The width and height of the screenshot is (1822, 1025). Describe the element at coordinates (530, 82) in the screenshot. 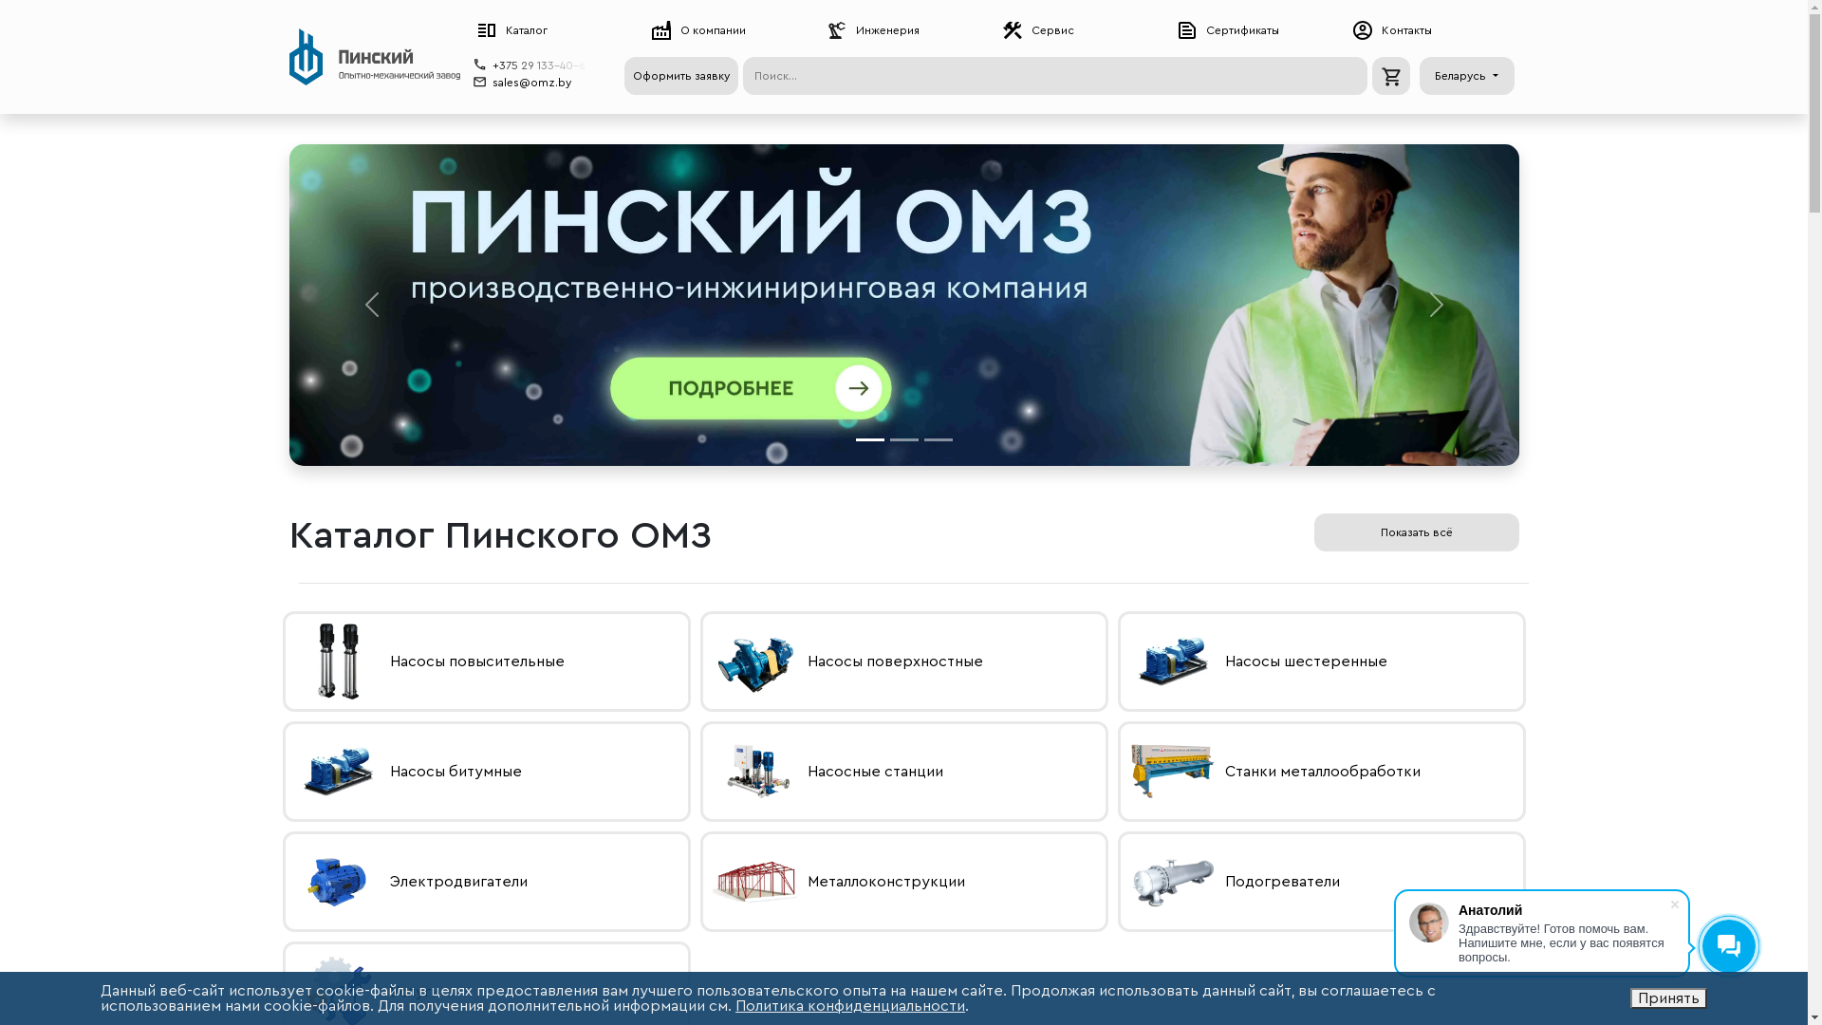

I see `'sales@omz.by'` at that location.